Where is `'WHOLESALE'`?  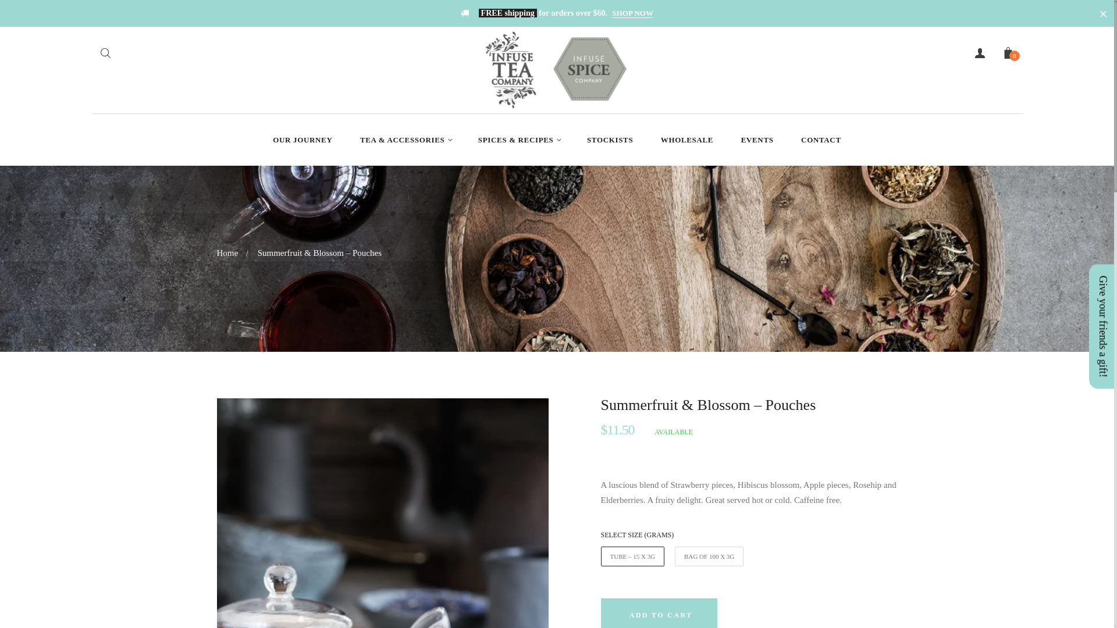 'WHOLESALE' is located at coordinates (686, 139).